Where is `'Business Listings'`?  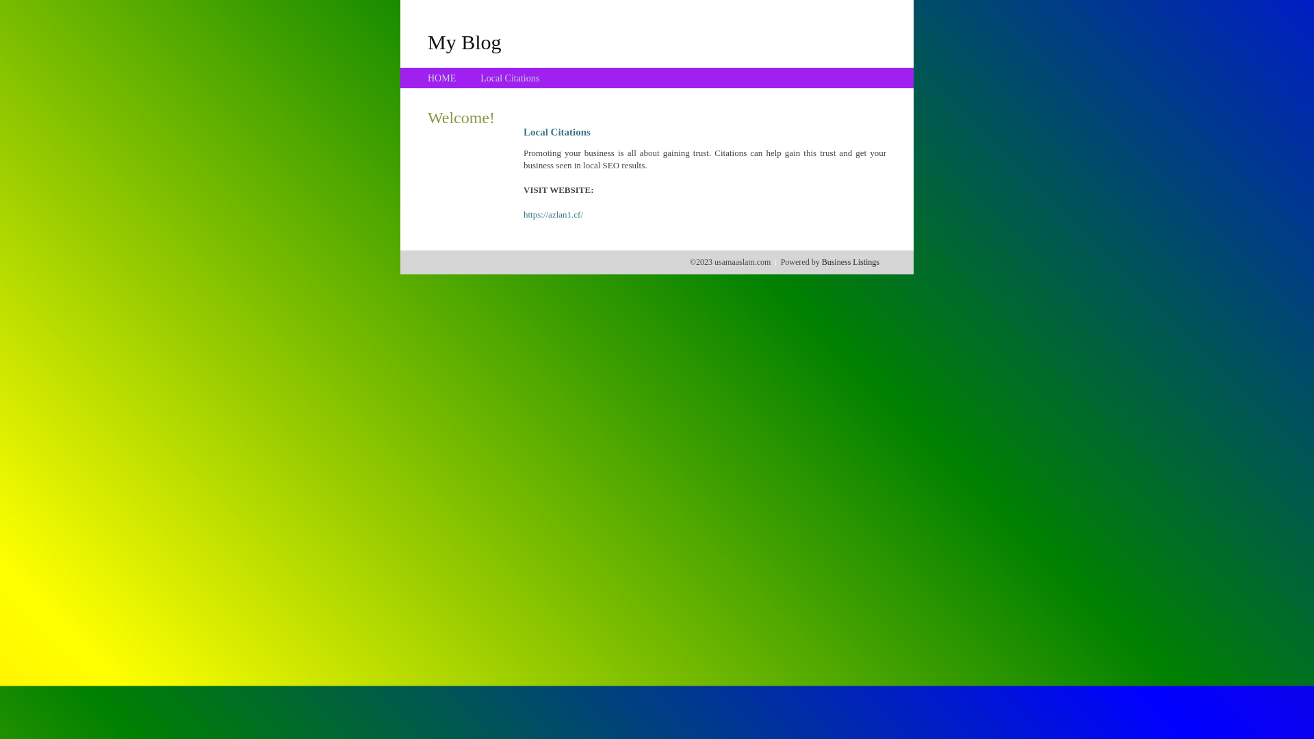 'Business Listings' is located at coordinates (850, 261).